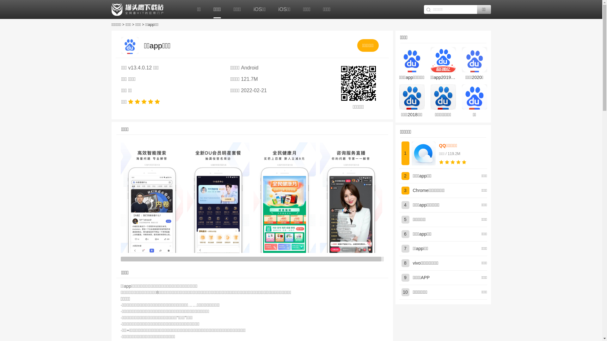  I want to click on 'http://www.36xiu.com/azsoft/4747.html', so click(358, 83).